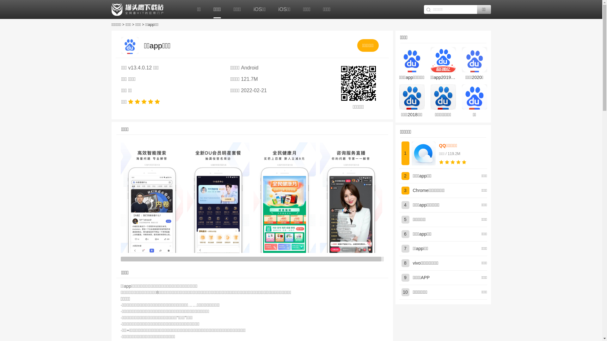  I want to click on 'http://www.36xiu.com/azsoft/4747.html', so click(358, 83).